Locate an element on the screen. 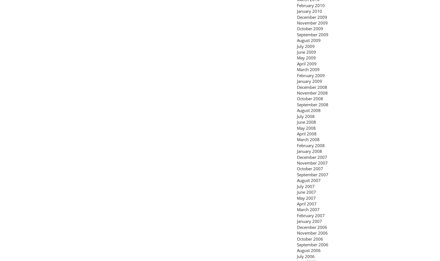 Image resolution: width=440 pixels, height=261 pixels. 'December 2009' is located at coordinates (312, 16).